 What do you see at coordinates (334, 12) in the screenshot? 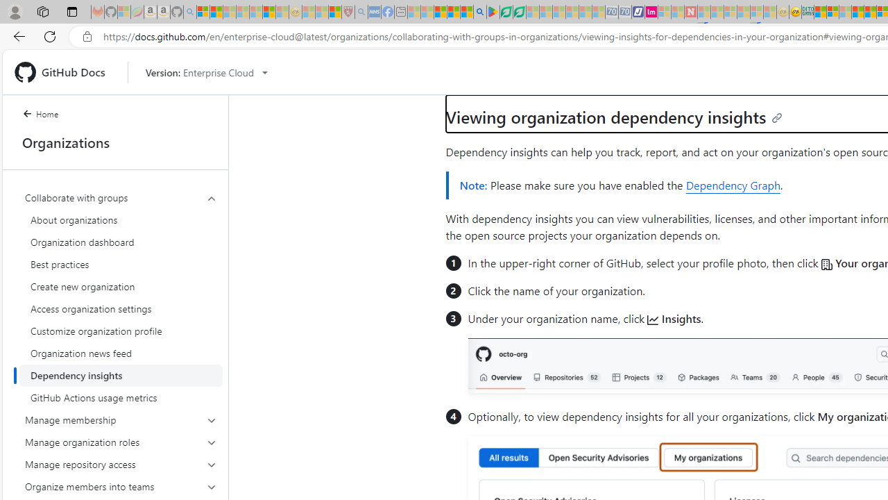
I see `'Local - MSN'` at bounding box center [334, 12].